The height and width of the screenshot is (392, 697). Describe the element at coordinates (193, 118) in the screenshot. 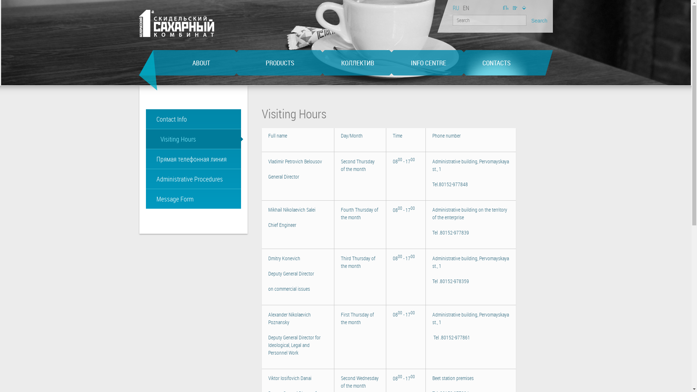

I see `'Contact Info'` at that location.